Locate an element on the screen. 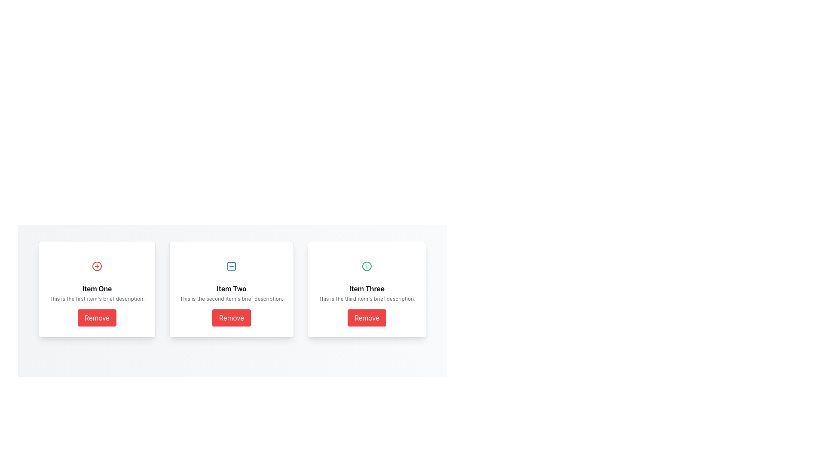 Image resolution: width=825 pixels, height=464 pixels. the square icon with a bold blue outline and a minus sign inside, located centrally within the 'Item Two' card is located at coordinates (232, 266).